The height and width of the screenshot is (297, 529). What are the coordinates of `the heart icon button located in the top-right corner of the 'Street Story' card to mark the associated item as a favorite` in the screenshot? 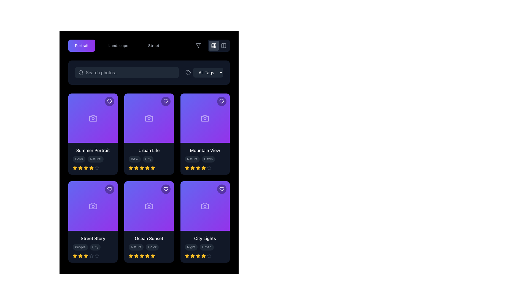 It's located at (110, 189).